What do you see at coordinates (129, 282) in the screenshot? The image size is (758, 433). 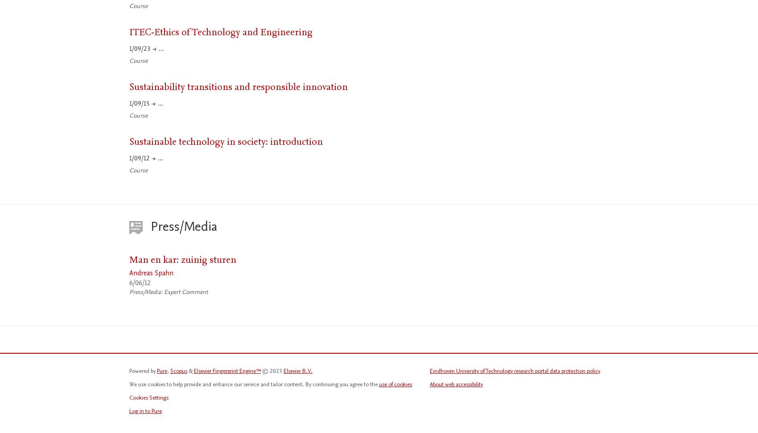 I see `'6/06/12'` at bounding box center [129, 282].